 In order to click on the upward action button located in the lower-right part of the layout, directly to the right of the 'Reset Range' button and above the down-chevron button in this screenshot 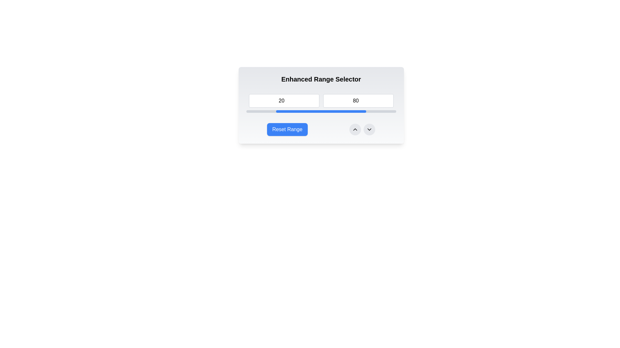, I will do `click(355, 129)`.